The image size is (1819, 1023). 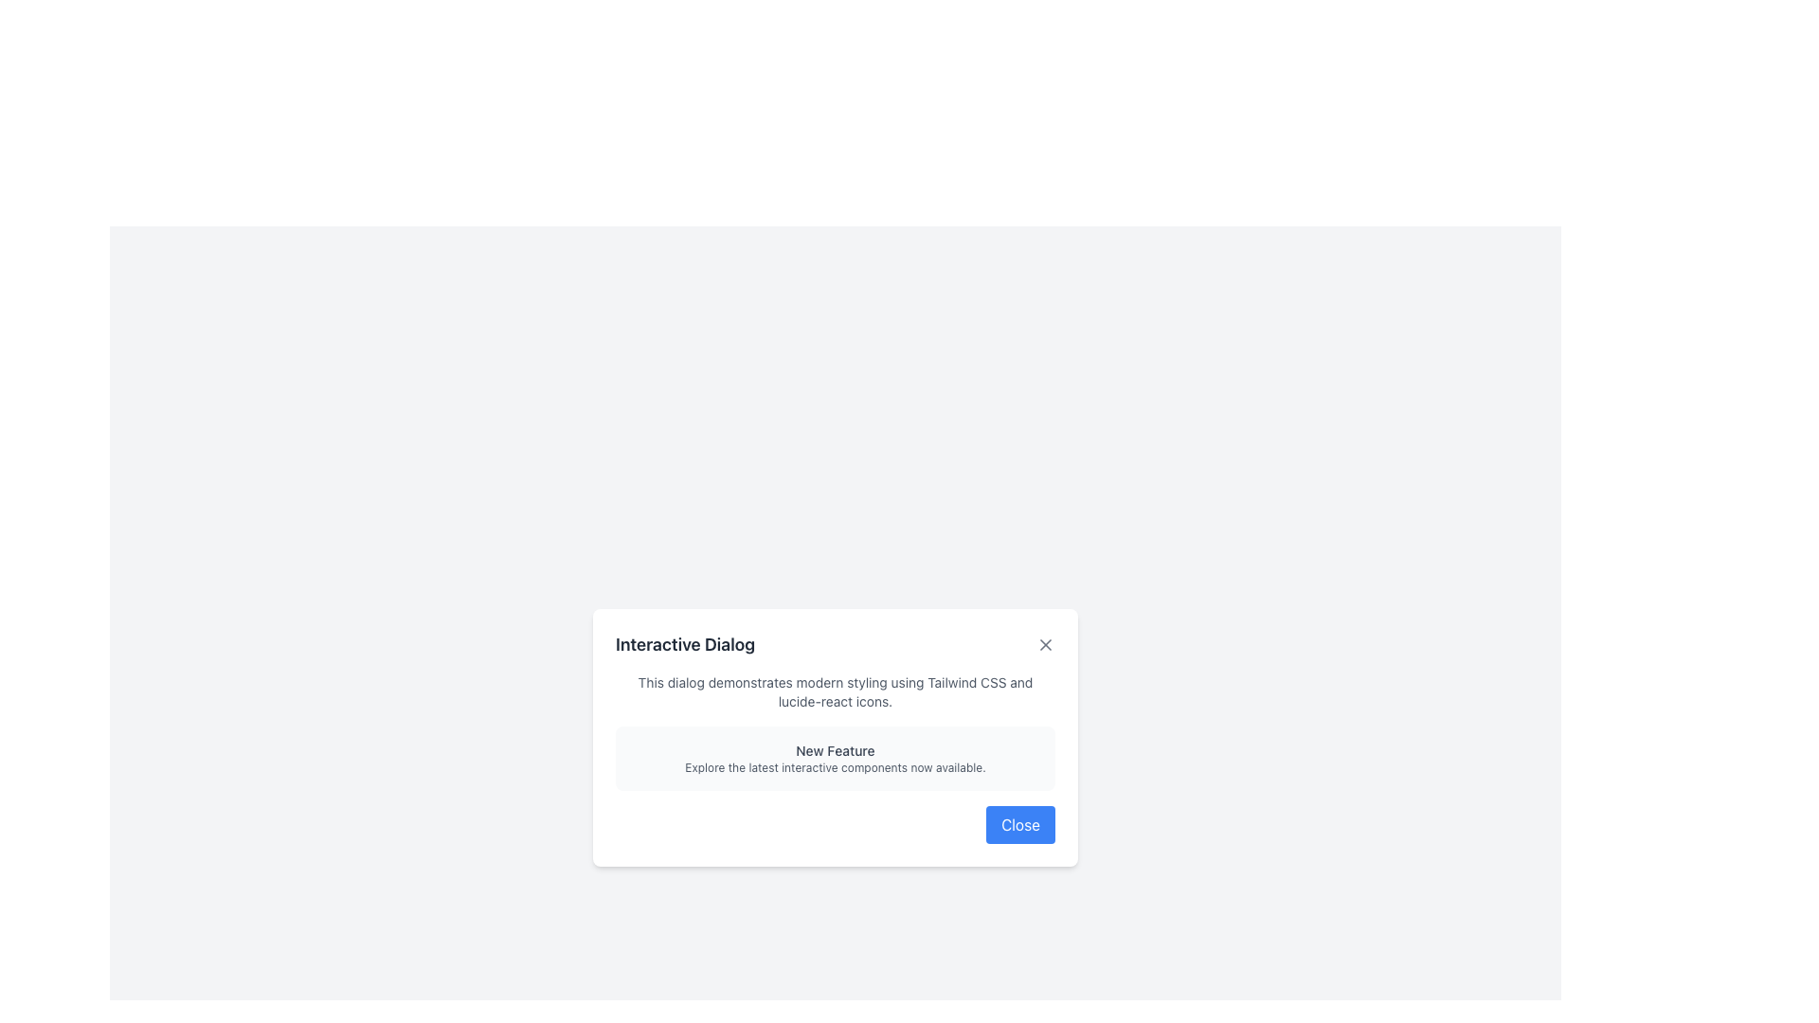 I want to click on the static text element that reads 'Explore the latest interactive components now available.', which is styled with a small font size and muted gray color, located directly underneath the 'New Feature' element, so click(x=835, y=767).